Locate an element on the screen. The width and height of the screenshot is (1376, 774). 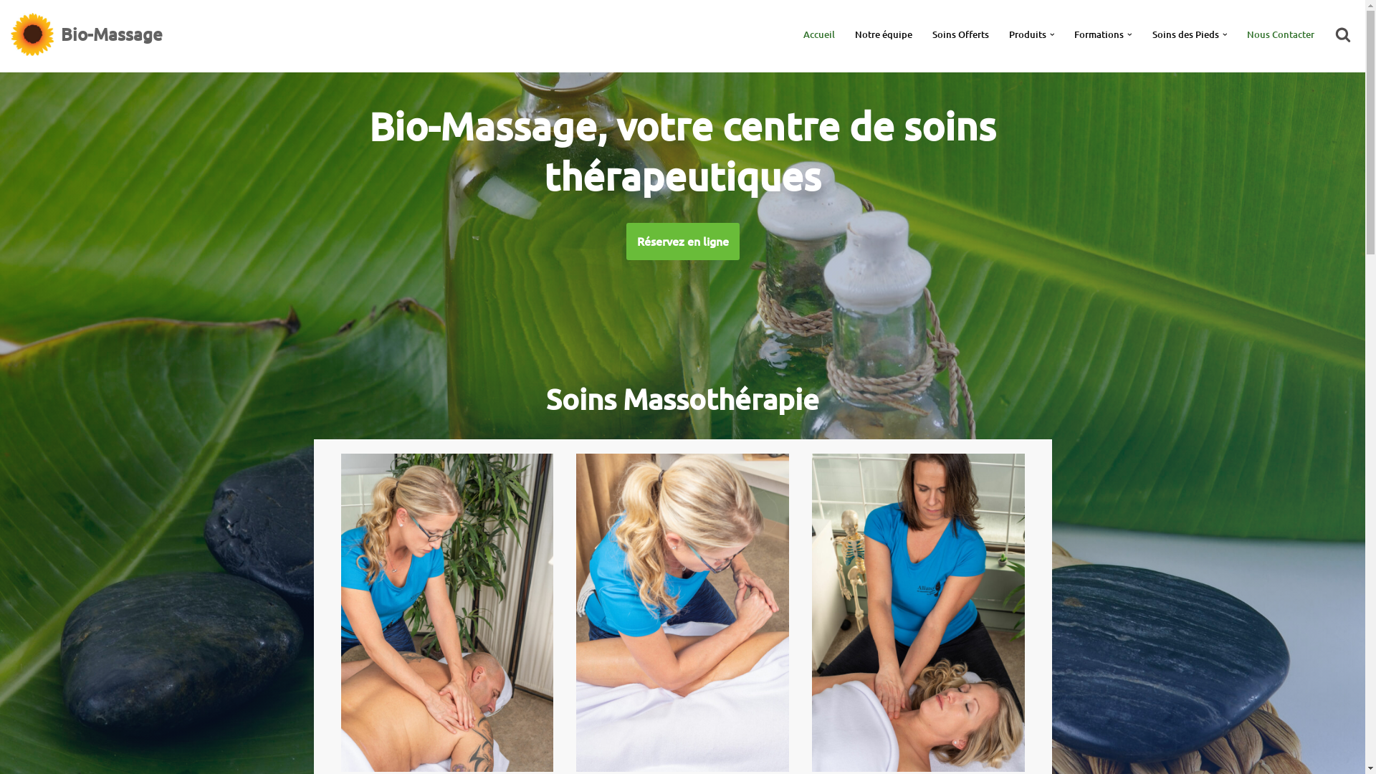
'Soins Offerts' is located at coordinates (960, 33).